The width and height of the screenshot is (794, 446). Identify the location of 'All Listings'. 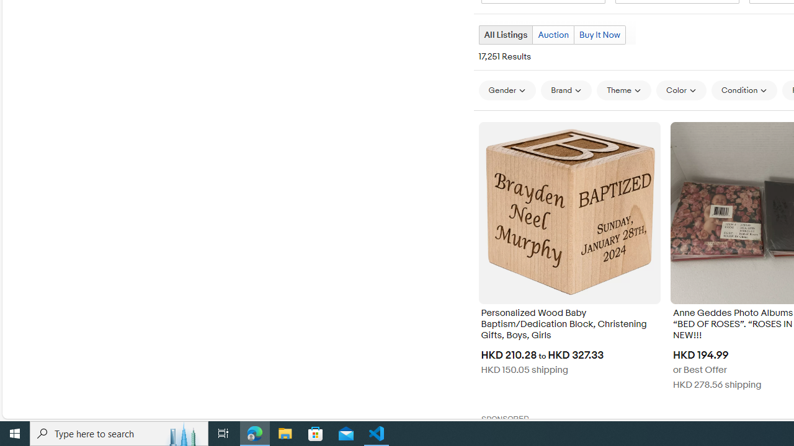
(505, 34).